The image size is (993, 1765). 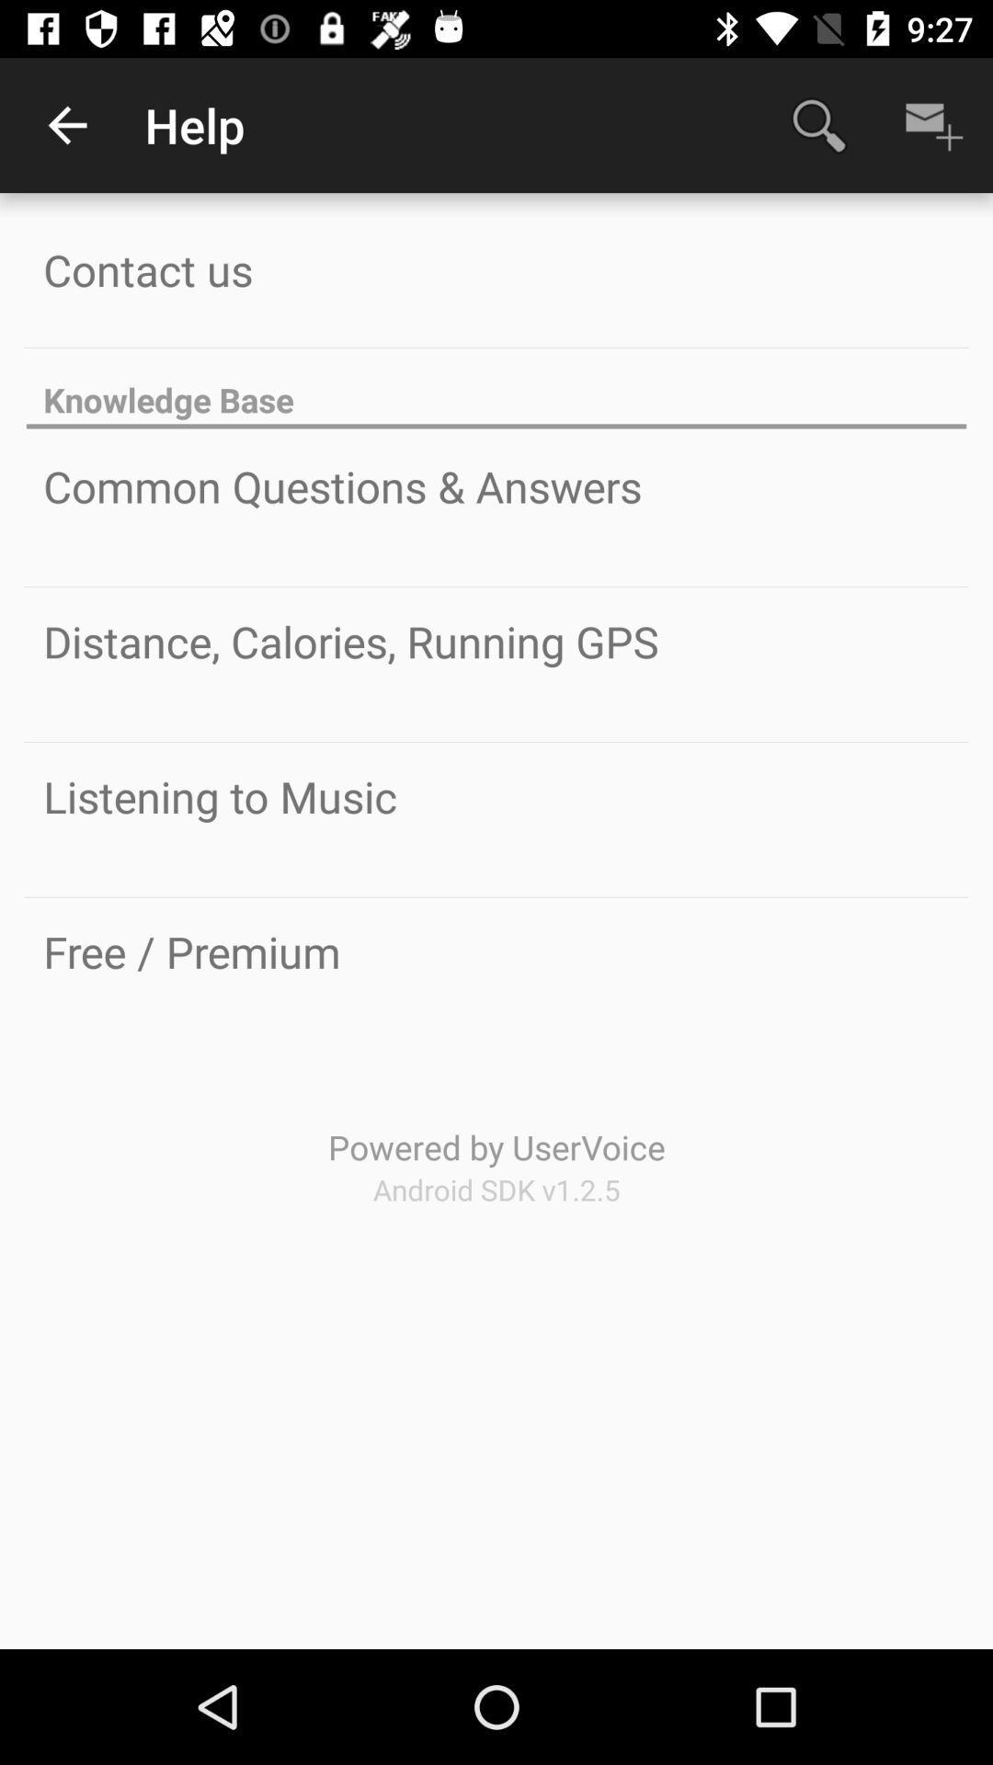 What do you see at coordinates (66, 124) in the screenshot?
I see `the app next to help item` at bounding box center [66, 124].